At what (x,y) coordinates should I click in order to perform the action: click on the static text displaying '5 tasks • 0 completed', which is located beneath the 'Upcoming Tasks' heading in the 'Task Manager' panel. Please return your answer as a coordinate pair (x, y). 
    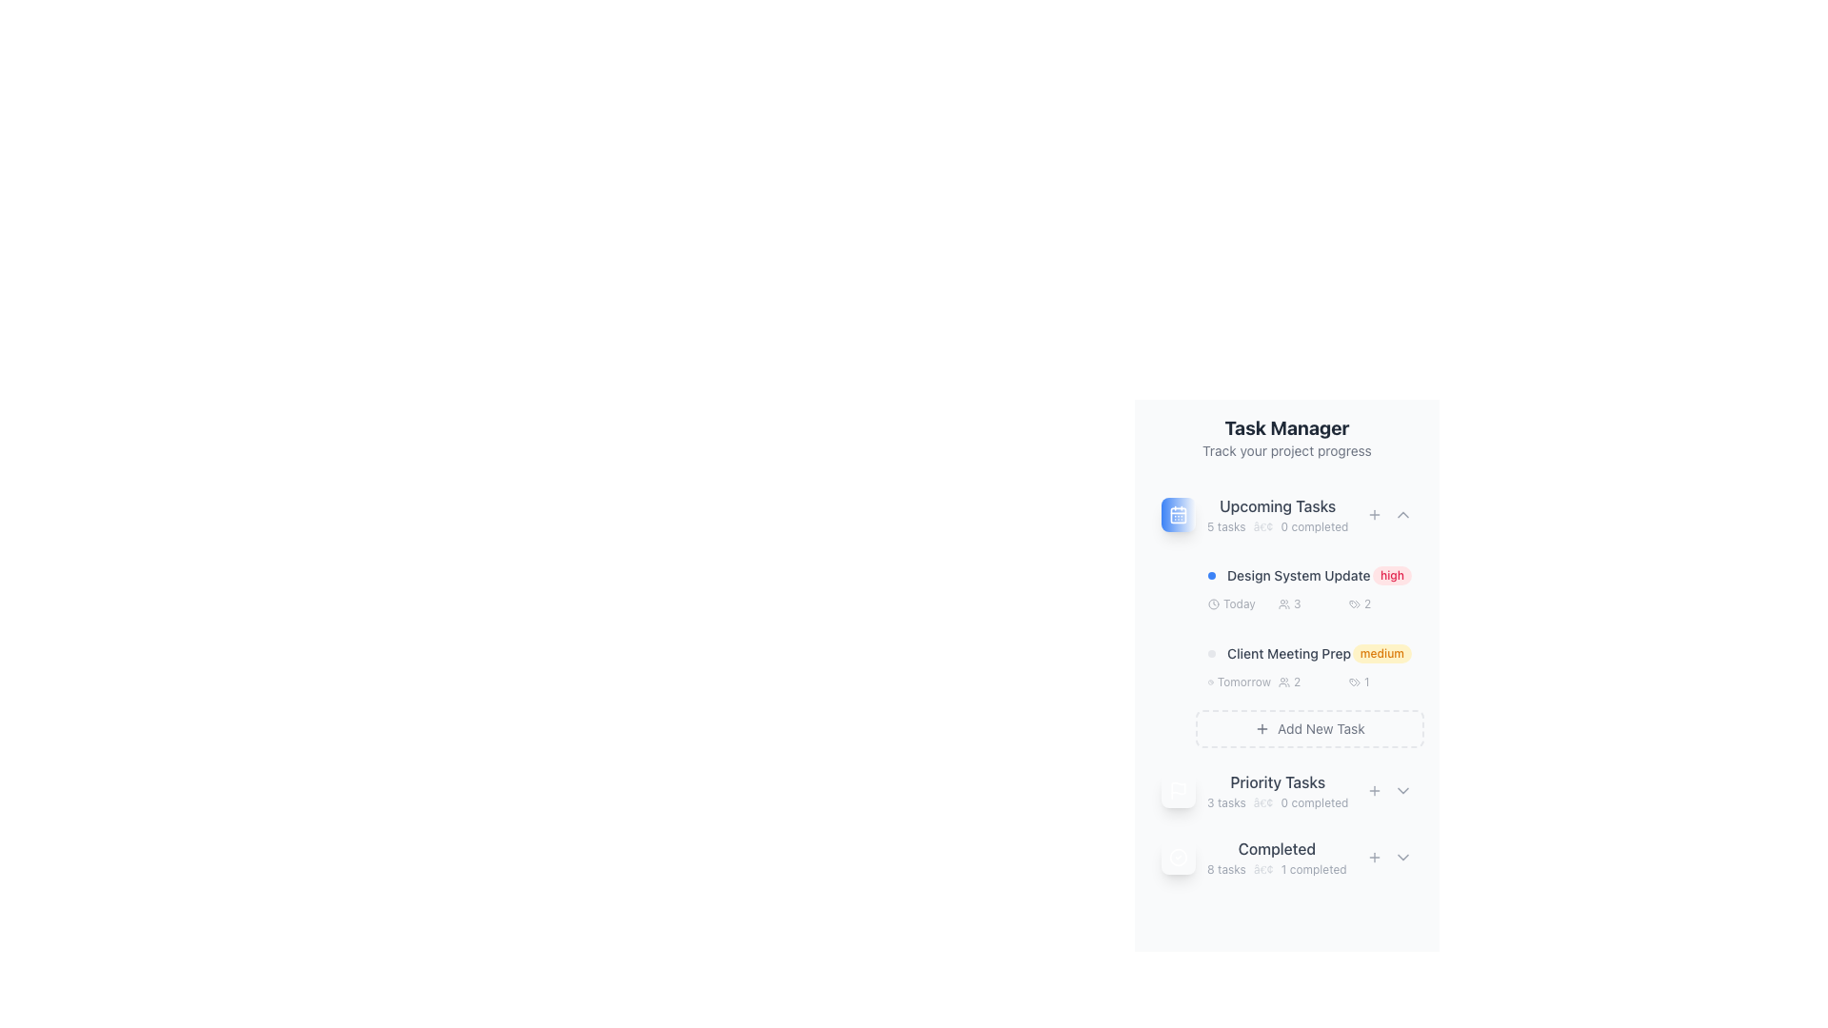
    Looking at the image, I should click on (1278, 527).